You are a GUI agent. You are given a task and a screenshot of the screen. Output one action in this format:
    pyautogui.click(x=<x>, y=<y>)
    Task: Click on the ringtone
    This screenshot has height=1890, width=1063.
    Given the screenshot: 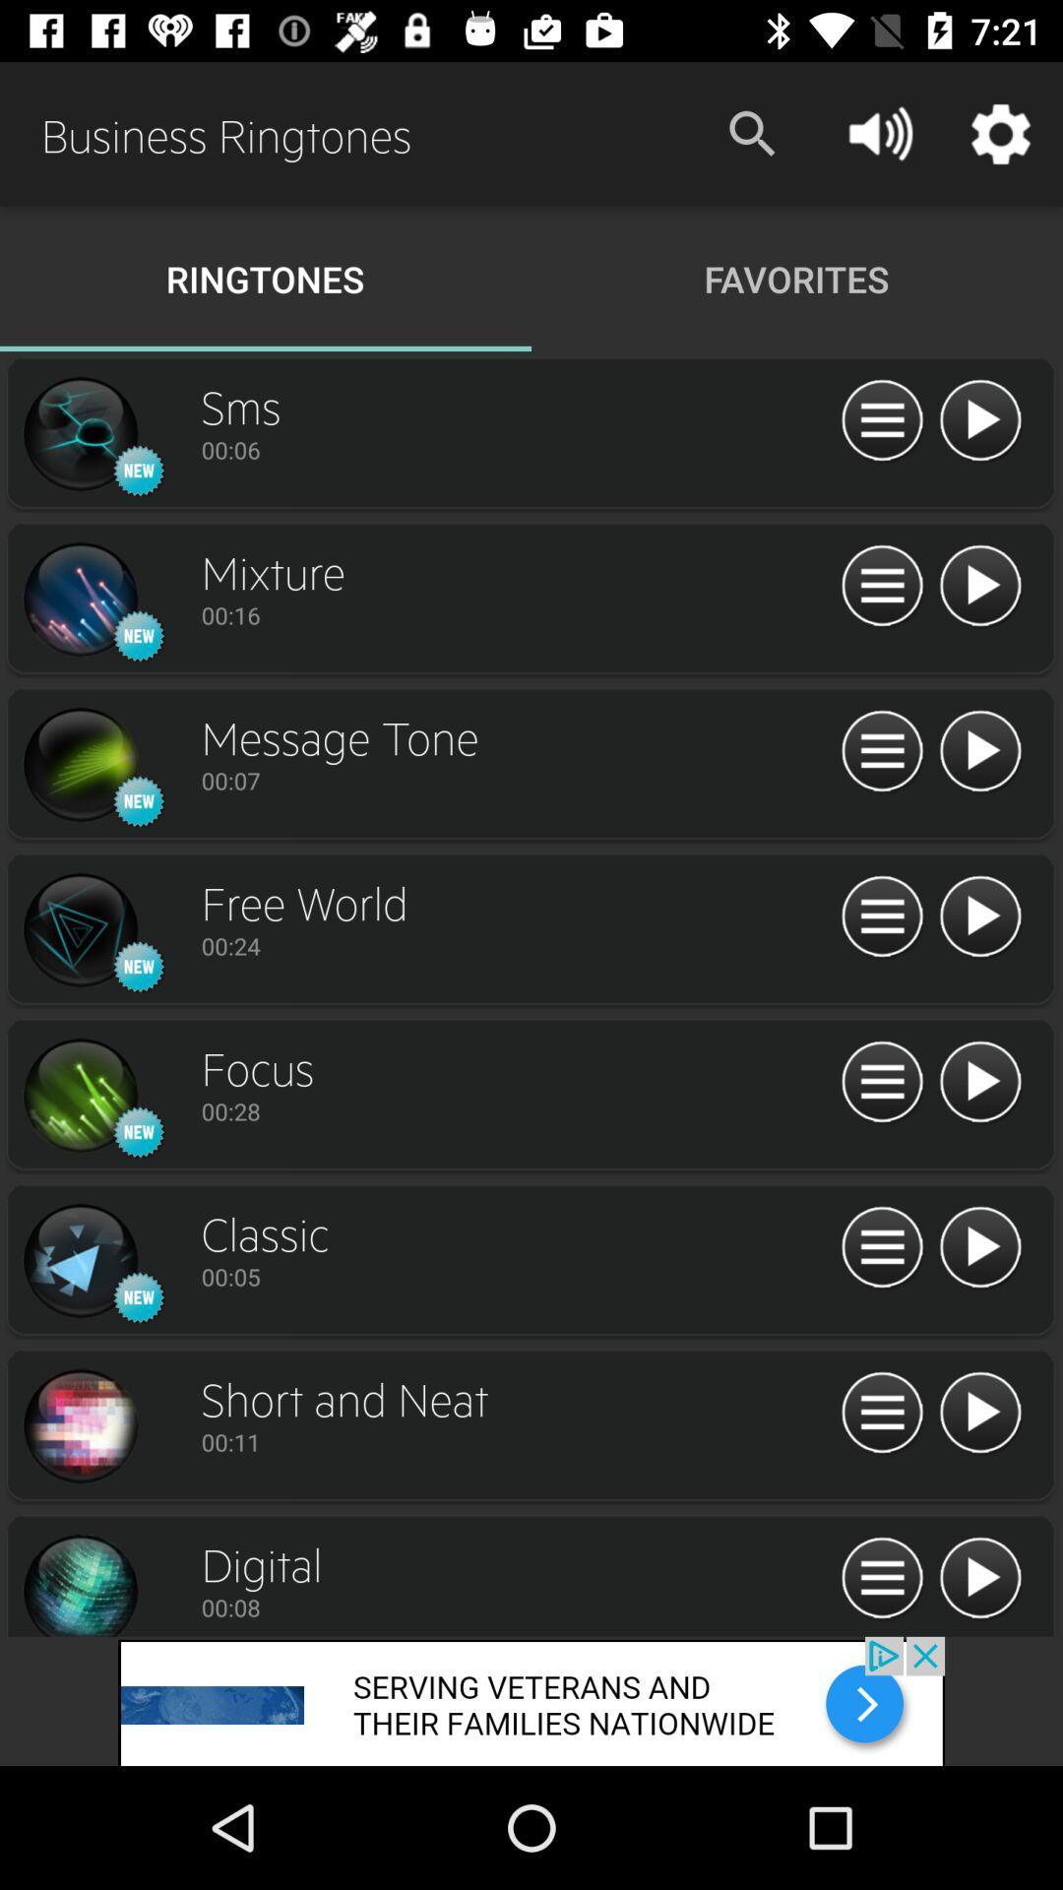 What is the action you would take?
    pyautogui.click(x=79, y=929)
    